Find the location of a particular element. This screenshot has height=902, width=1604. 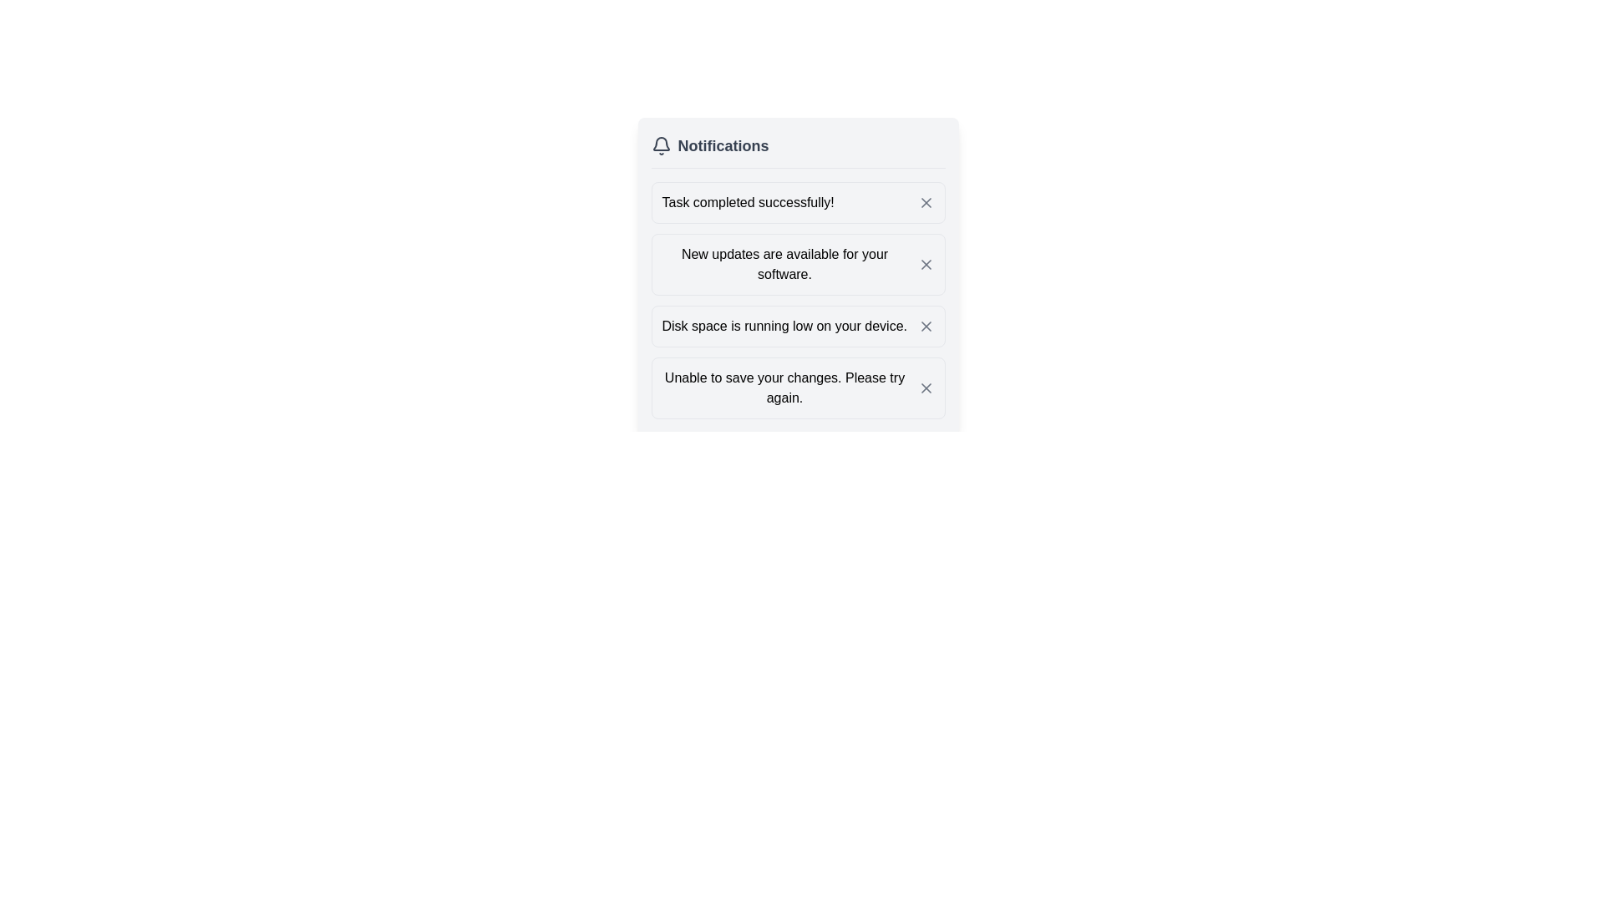

text label displaying 'Notifications' in bold gray font, located to the right of a bell icon at the top of the notifications panel is located at coordinates (723, 144).